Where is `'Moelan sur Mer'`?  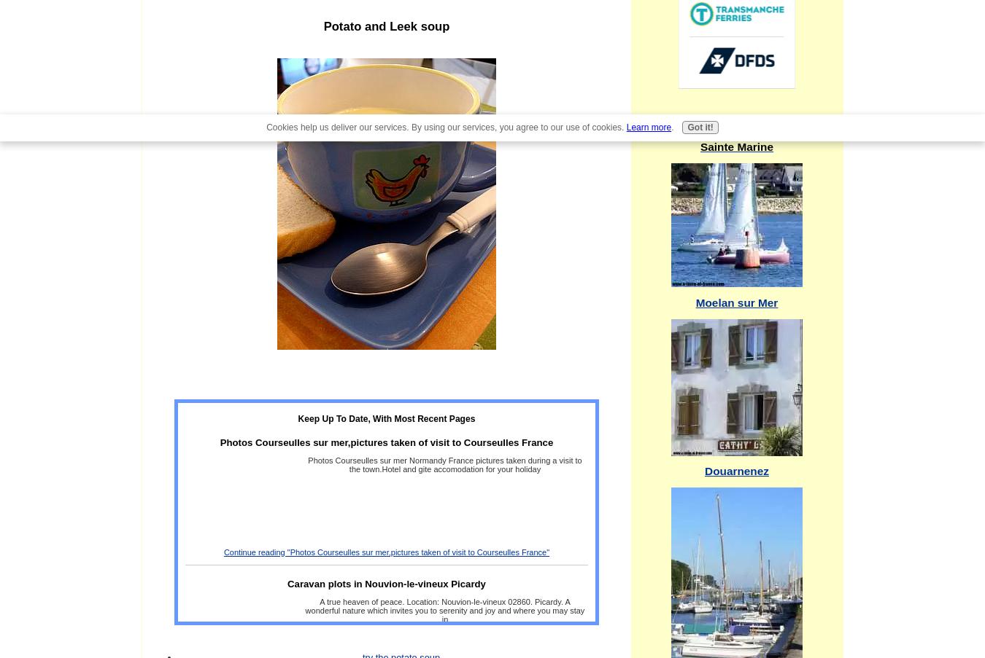 'Moelan sur Mer' is located at coordinates (735, 301).